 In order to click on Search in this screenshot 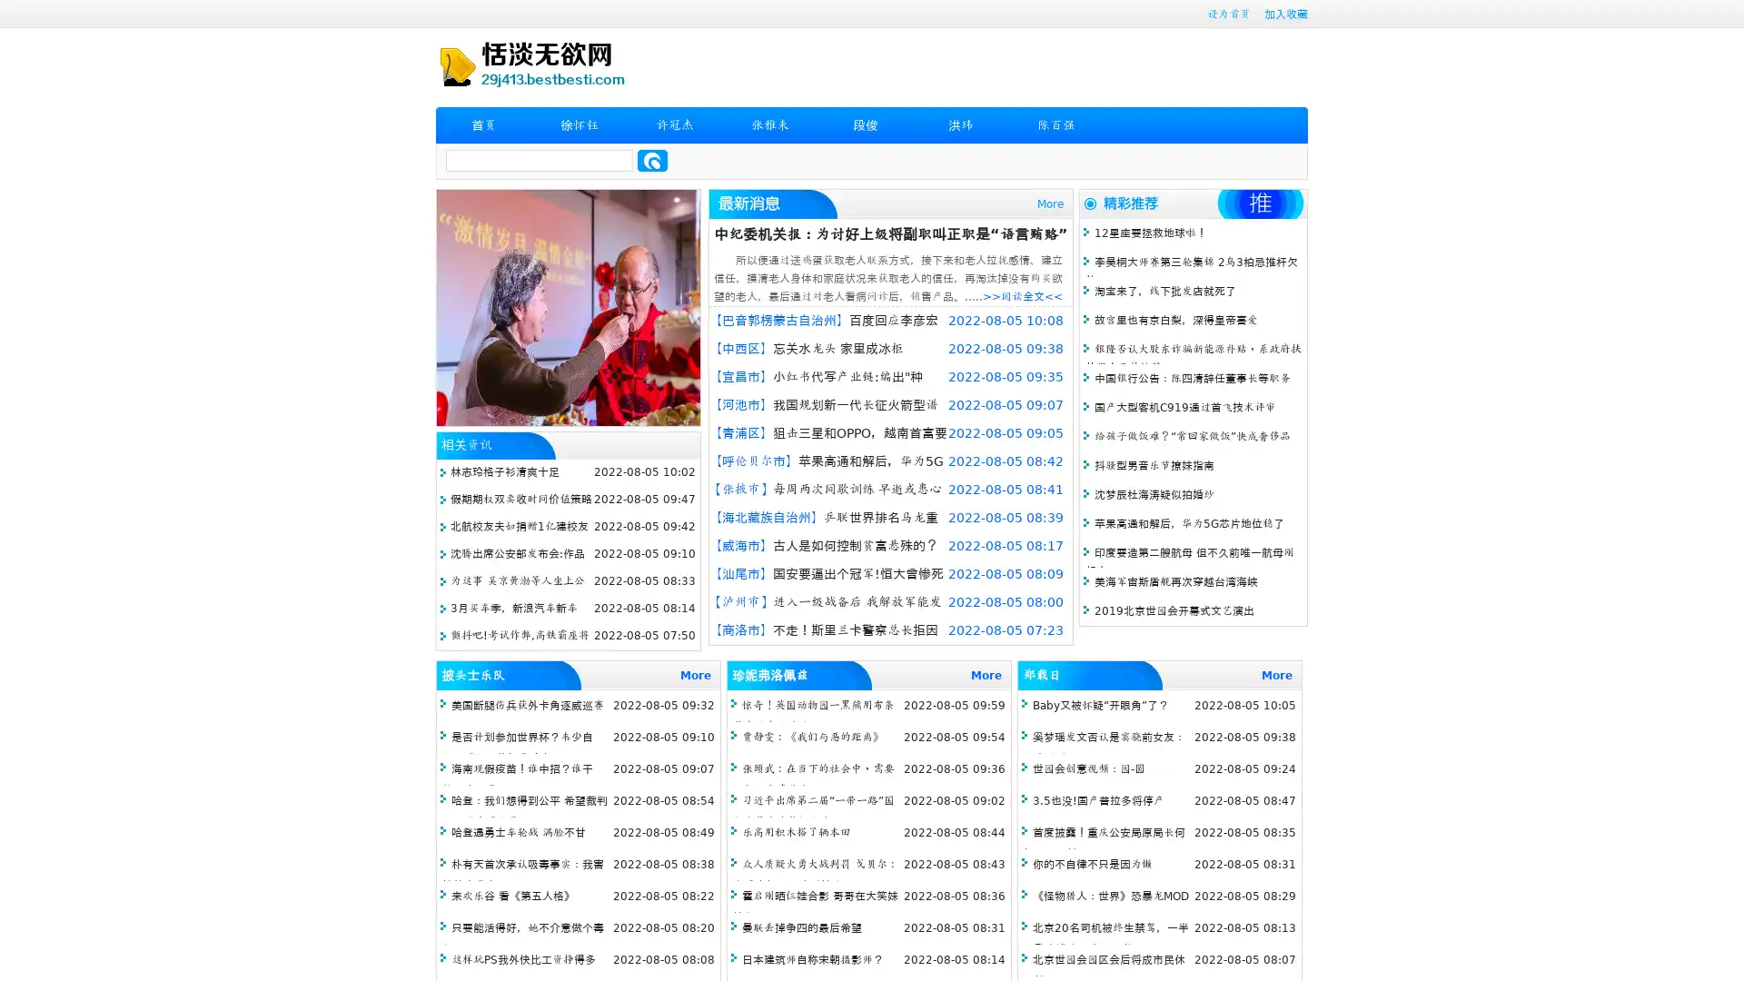, I will do `click(652, 160)`.